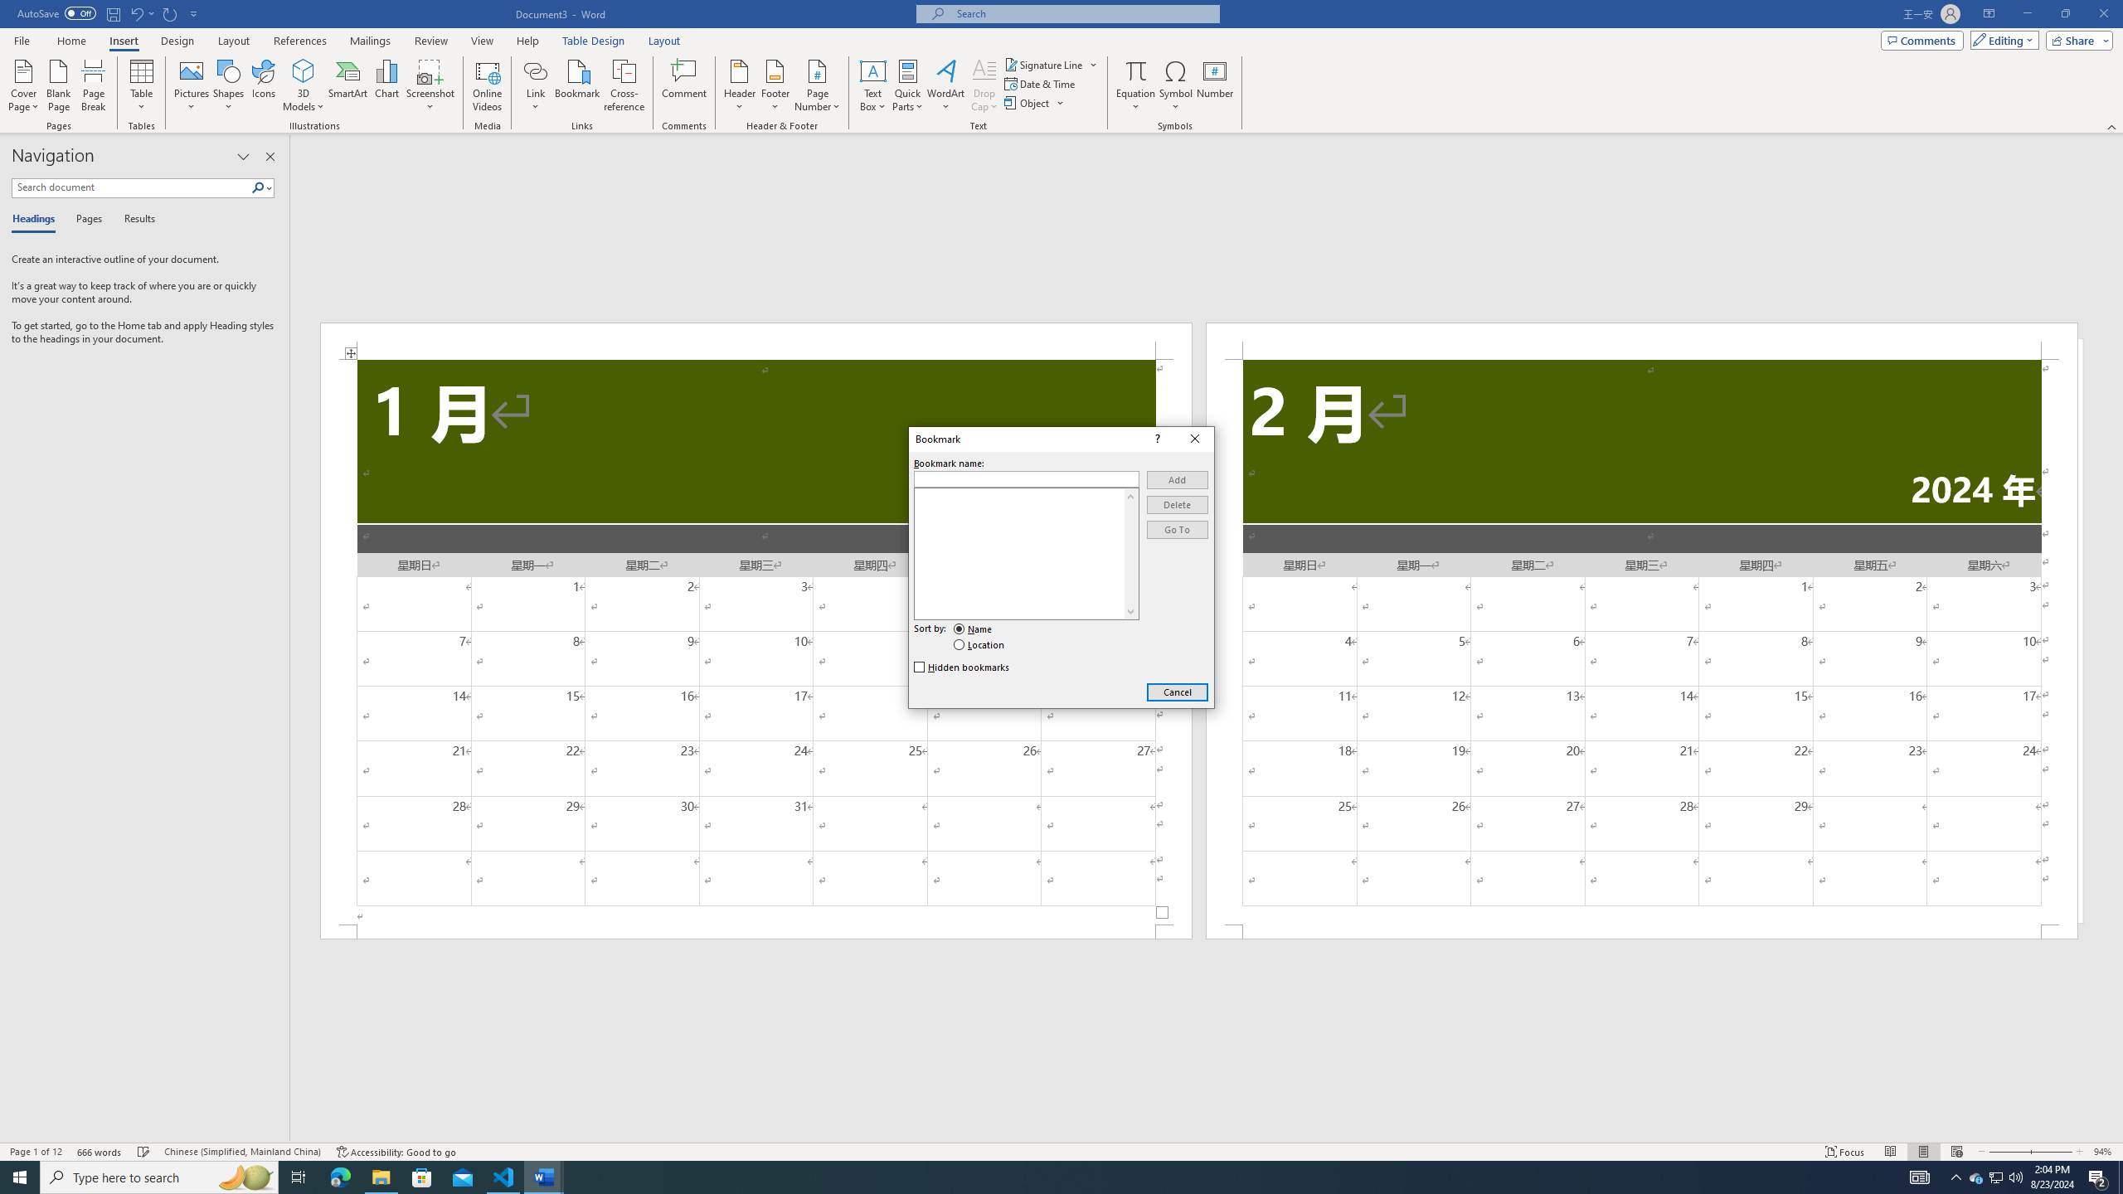  What do you see at coordinates (2098, 1176) in the screenshot?
I see `'Action Center, 2 new notifications'` at bounding box center [2098, 1176].